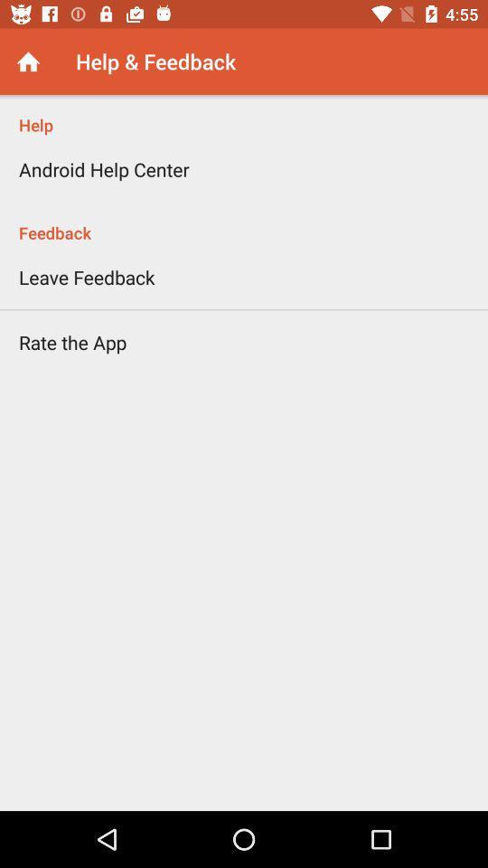  Describe the element at coordinates (71, 341) in the screenshot. I see `rate the app` at that location.